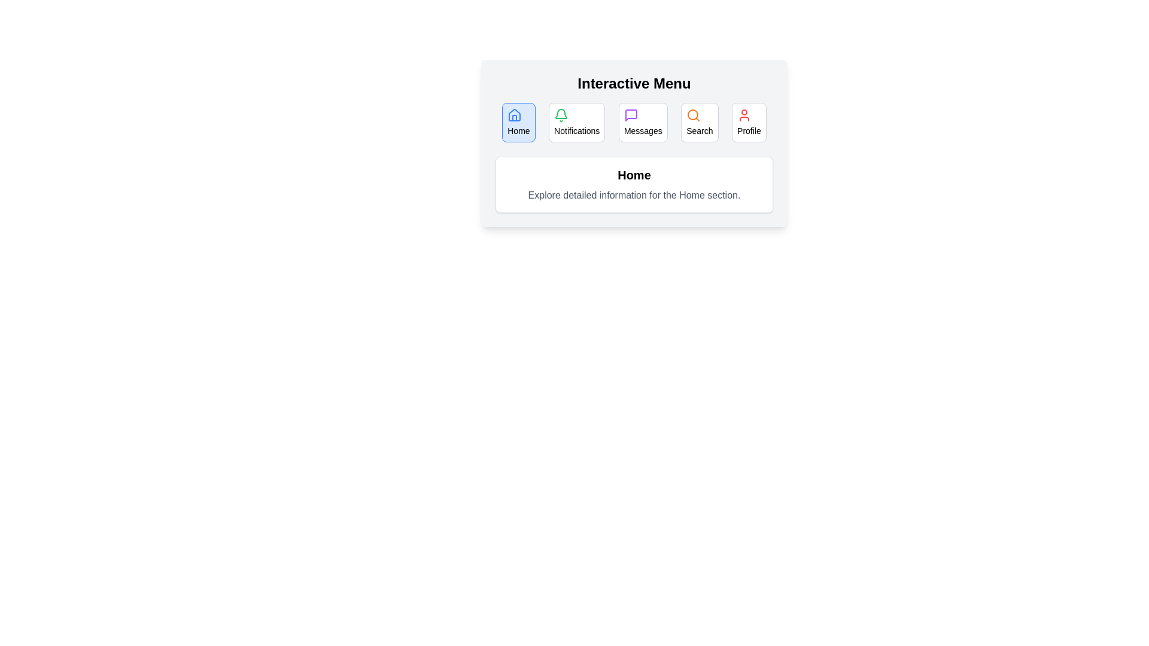 This screenshot has height=646, width=1149. I want to click on the 'Messages' button icon in the middle of the interactive menu, so click(630, 115).